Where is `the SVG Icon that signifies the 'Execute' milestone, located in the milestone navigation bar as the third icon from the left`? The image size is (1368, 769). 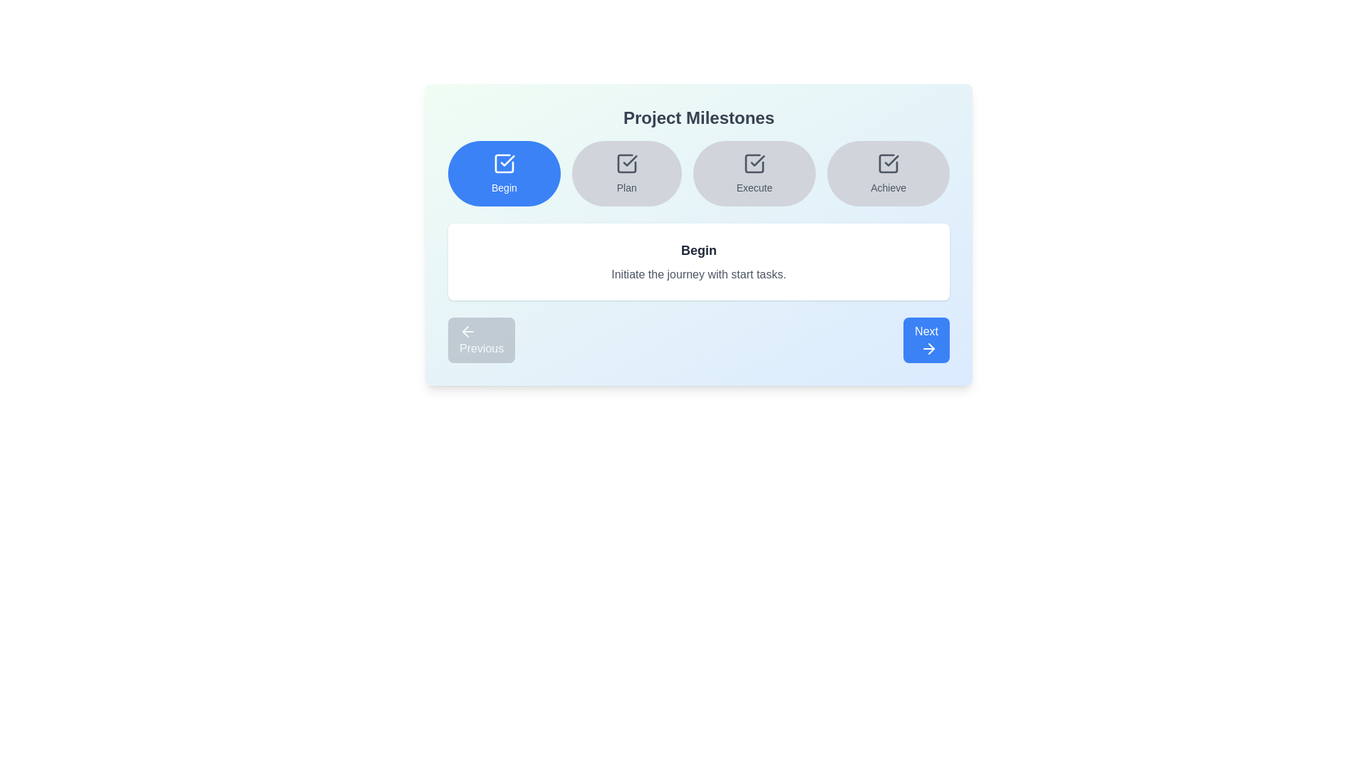
the SVG Icon that signifies the 'Execute' milestone, located in the milestone navigation bar as the third icon from the left is located at coordinates (754, 163).